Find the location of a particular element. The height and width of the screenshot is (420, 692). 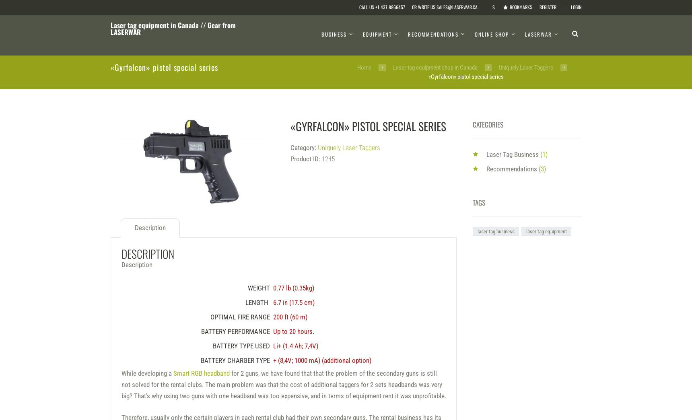

'Call us +1 437 8866457' is located at coordinates (381, 6).